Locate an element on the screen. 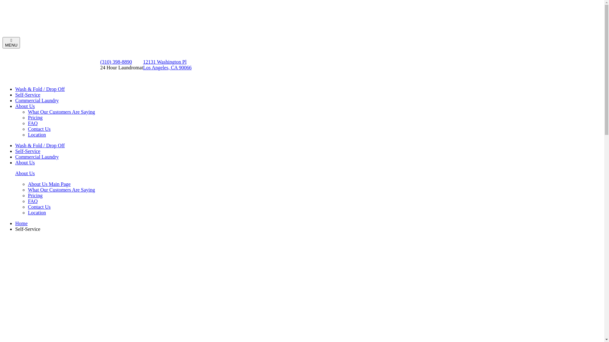  'Pricing' is located at coordinates (27, 195).